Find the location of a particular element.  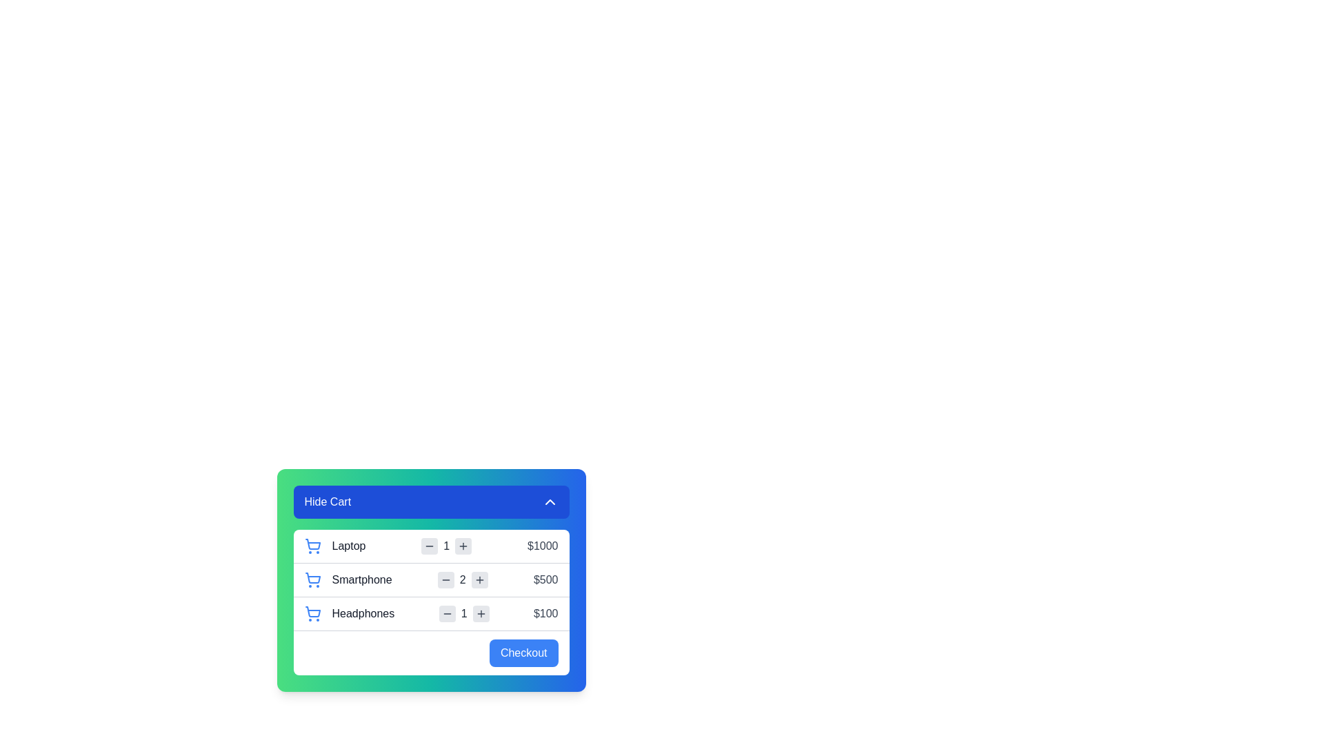

the rounded button with a light gray background and a small dark gray plus sign inside it, located at the end of the 'Headphones' row in the cart interface to increase the quantity is located at coordinates (481, 613).